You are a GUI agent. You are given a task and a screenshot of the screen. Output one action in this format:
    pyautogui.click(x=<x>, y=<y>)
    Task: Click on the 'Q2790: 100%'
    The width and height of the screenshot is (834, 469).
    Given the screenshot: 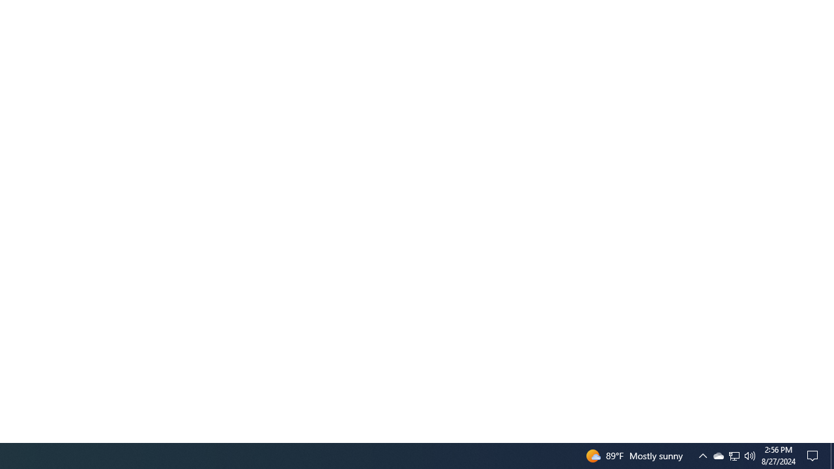 What is the action you would take?
    pyautogui.click(x=734, y=455)
    